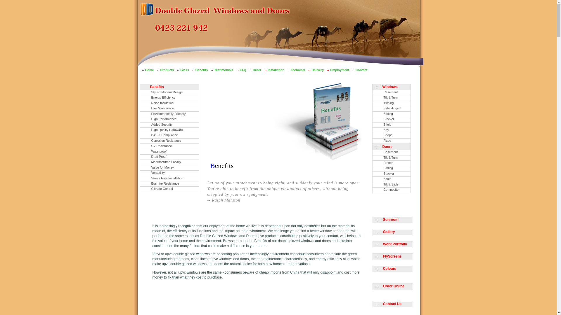  What do you see at coordinates (140, 108) in the screenshot?
I see `'Low Maintenace'` at bounding box center [140, 108].